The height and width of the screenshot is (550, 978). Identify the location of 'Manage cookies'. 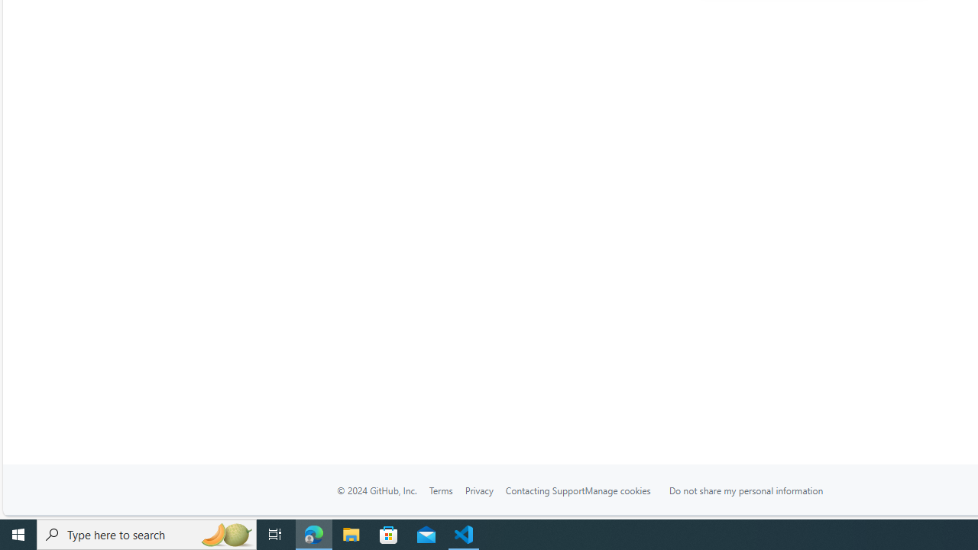
(617, 490).